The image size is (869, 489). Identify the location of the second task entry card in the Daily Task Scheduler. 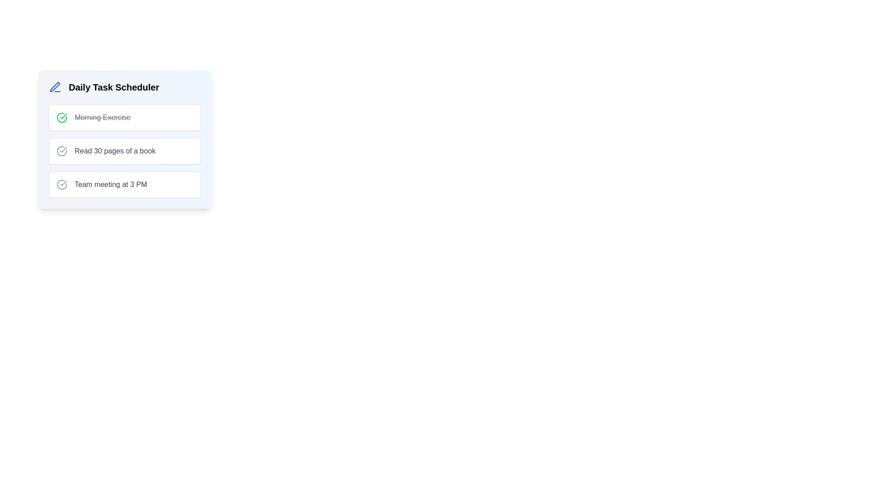
(124, 151).